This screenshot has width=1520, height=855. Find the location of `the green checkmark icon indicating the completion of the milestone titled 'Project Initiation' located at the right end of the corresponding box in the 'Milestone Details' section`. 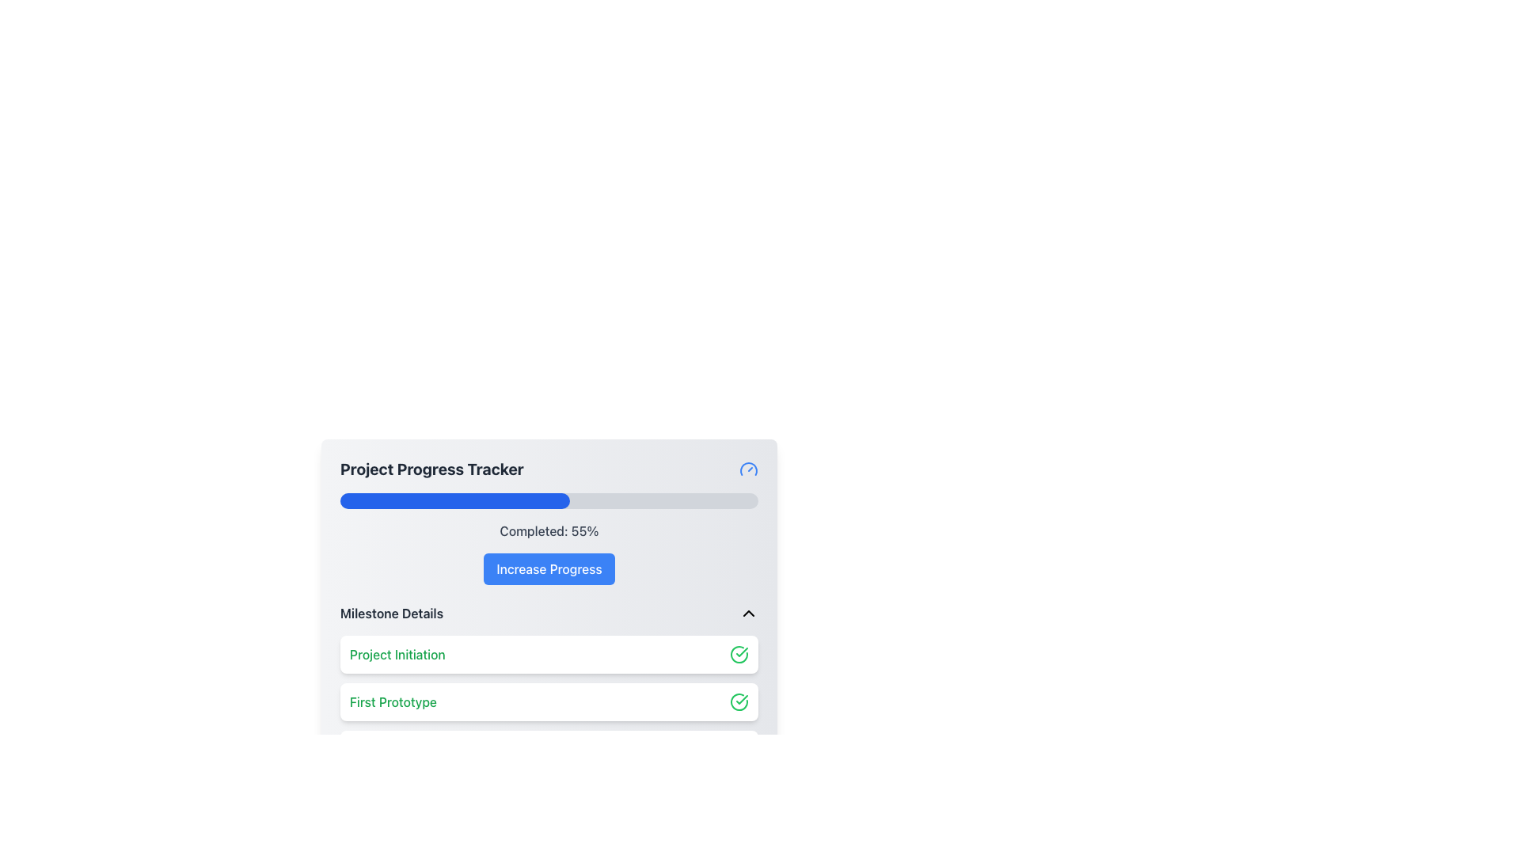

the green checkmark icon indicating the completion of the milestone titled 'Project Initiation' located at the right end of the corresponding box in the 'Milestone Details' section is located at coordinates (739, 654).